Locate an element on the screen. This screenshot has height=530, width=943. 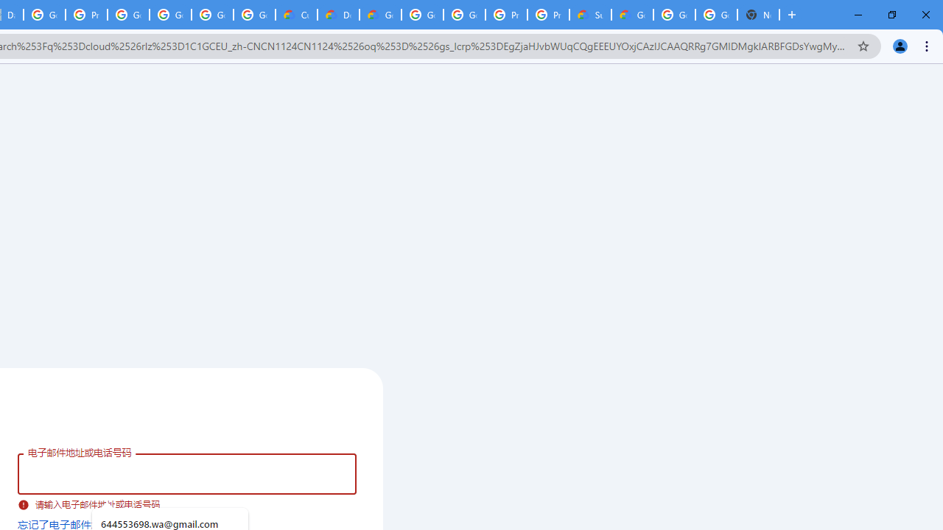
'Gemini for Business and Developers | Google Cloud' is located at coordinates (380, 15).